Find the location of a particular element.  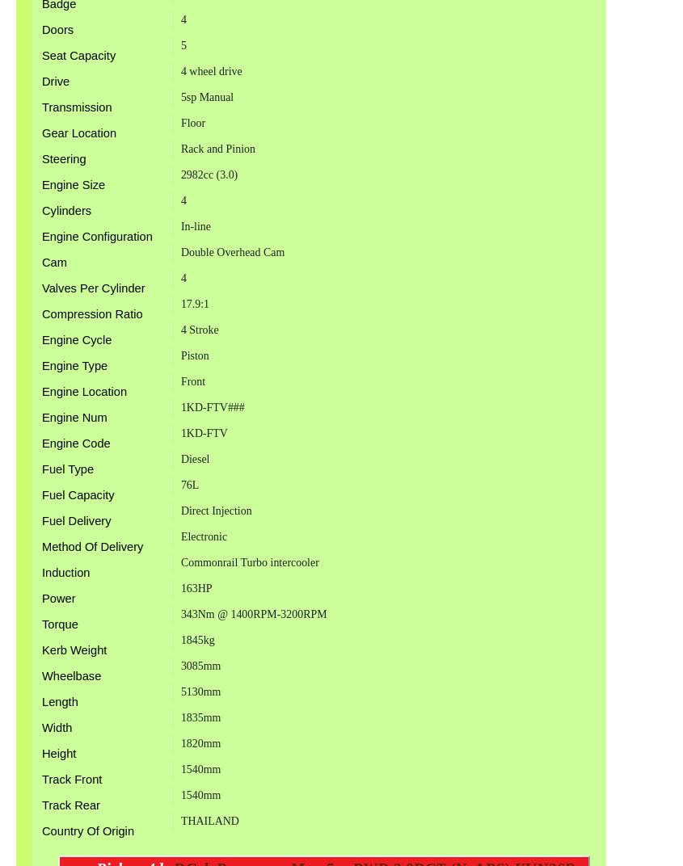

'Fuel Delivery' is located at coordinates (76, 519).